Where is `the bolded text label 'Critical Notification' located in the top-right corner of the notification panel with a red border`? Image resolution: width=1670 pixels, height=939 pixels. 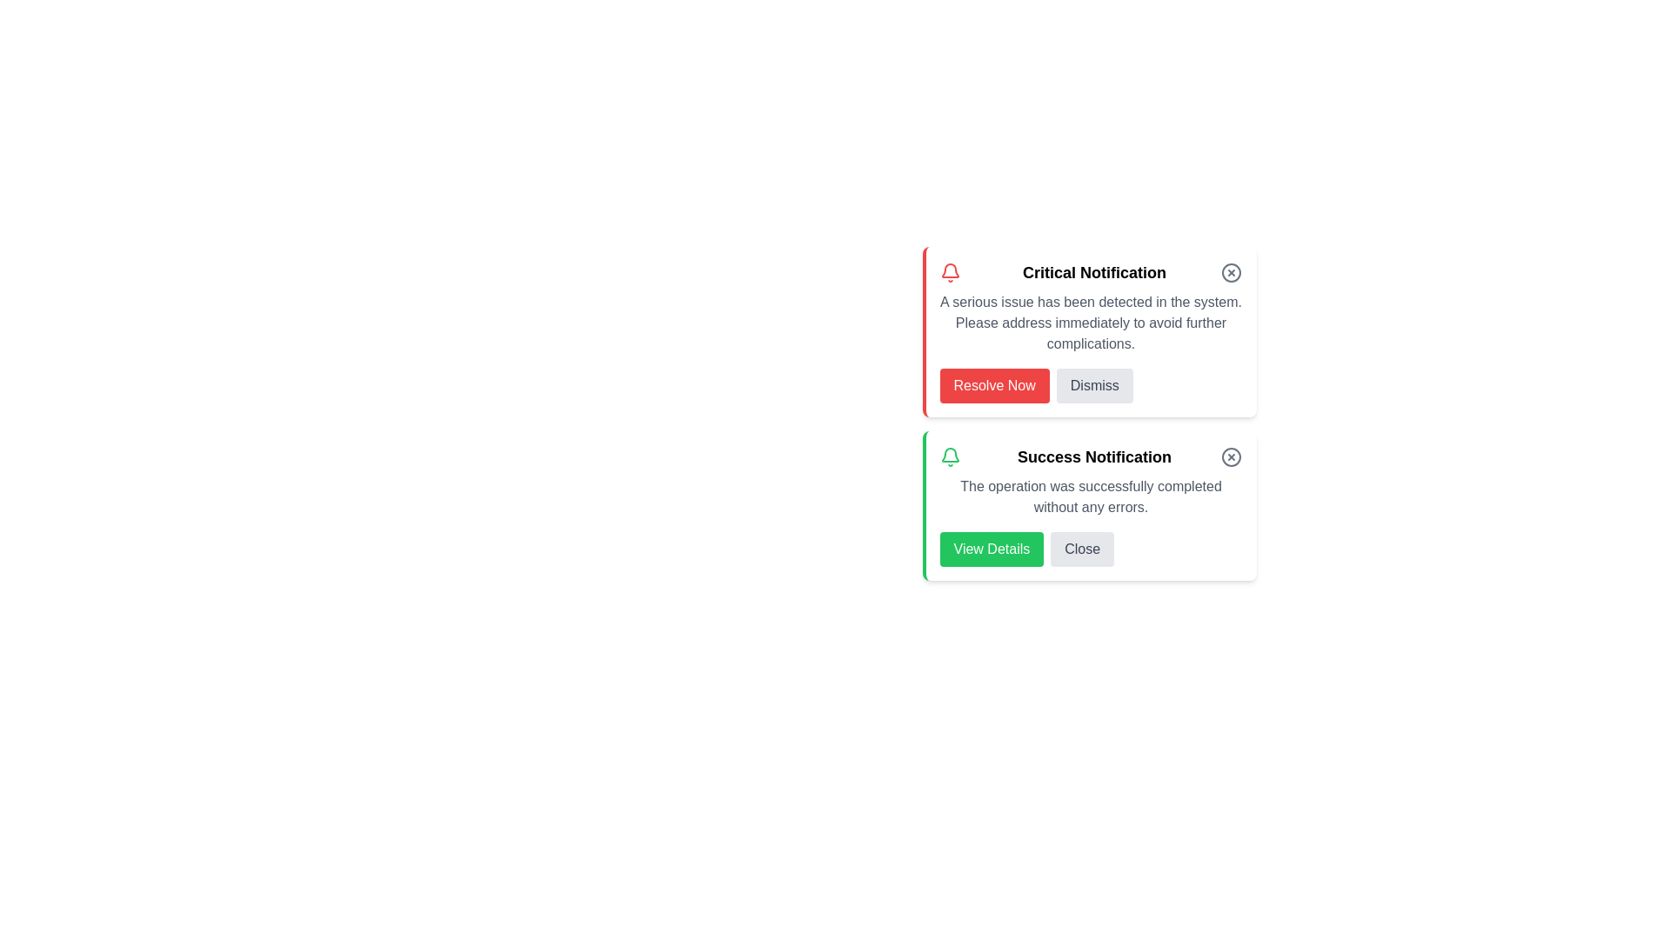 the bolded text label 'Critical Notification' located in the top-right corner of the notification panel with a red border is located at coordinates (1093, 272).